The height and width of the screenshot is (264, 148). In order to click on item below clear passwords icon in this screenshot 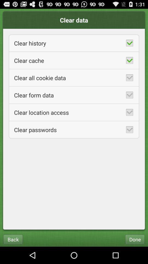, I will do `click(13, 239)`.